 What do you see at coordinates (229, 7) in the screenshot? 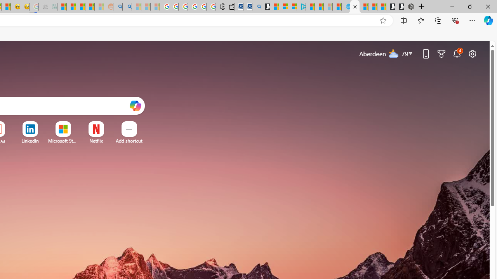
I see `'Wallet'` at bounding box center [229, 7].